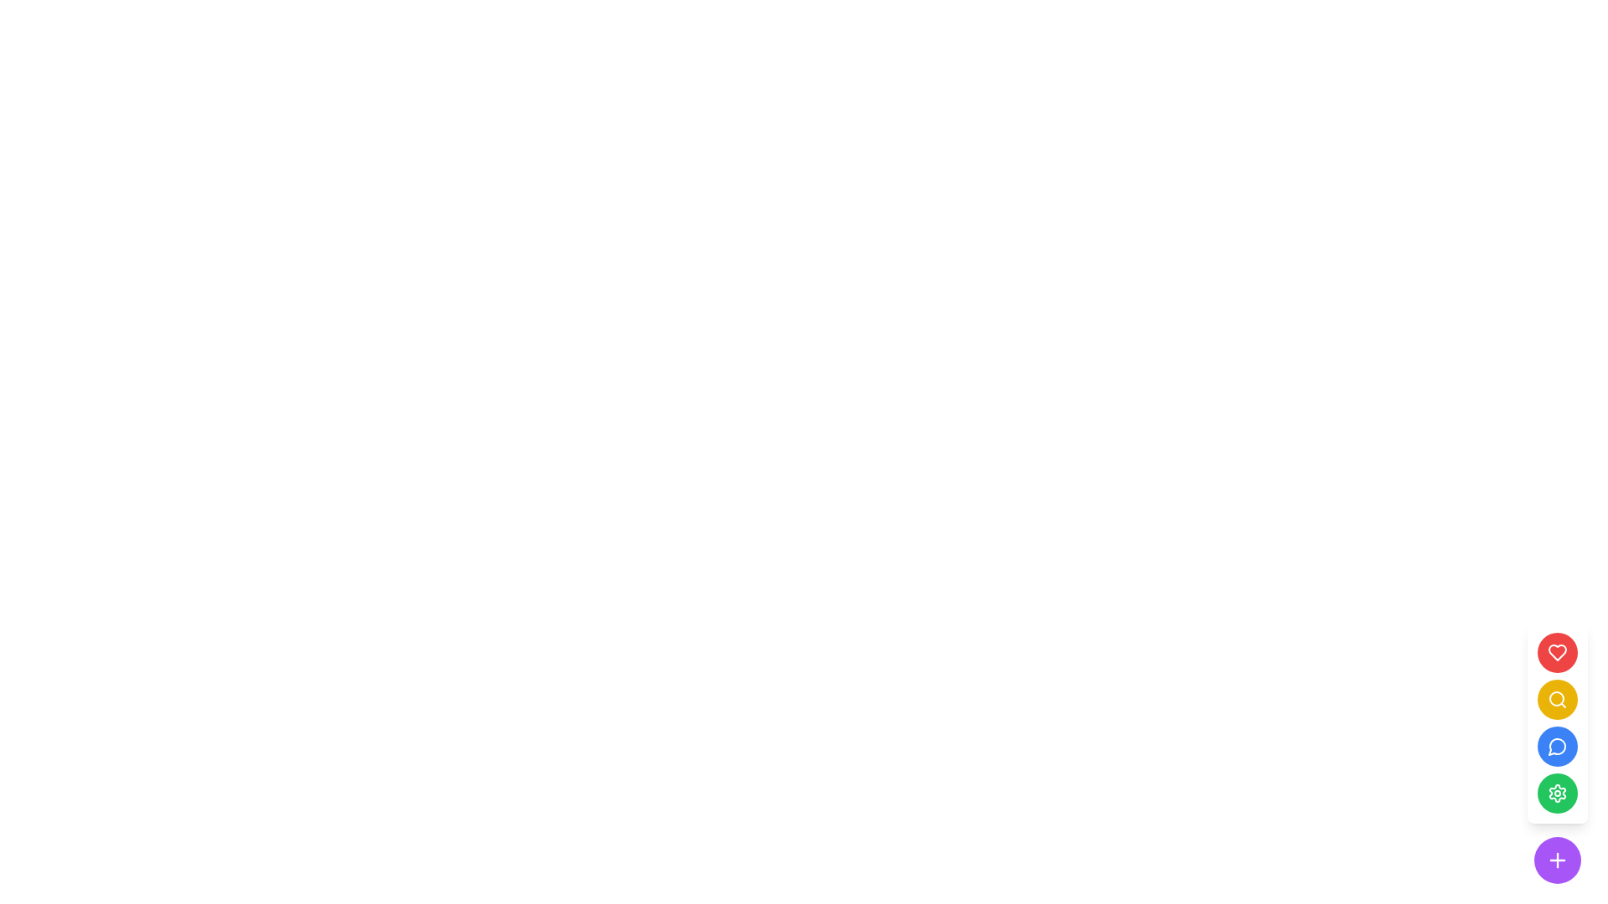 This screenshot has width=1608, height=904. What do you see at coordinates (1557, 745) in the screenshot?
I see `the circular button containing a blue chat icon for accessibility navigation` at bounding box center [1557, 745].